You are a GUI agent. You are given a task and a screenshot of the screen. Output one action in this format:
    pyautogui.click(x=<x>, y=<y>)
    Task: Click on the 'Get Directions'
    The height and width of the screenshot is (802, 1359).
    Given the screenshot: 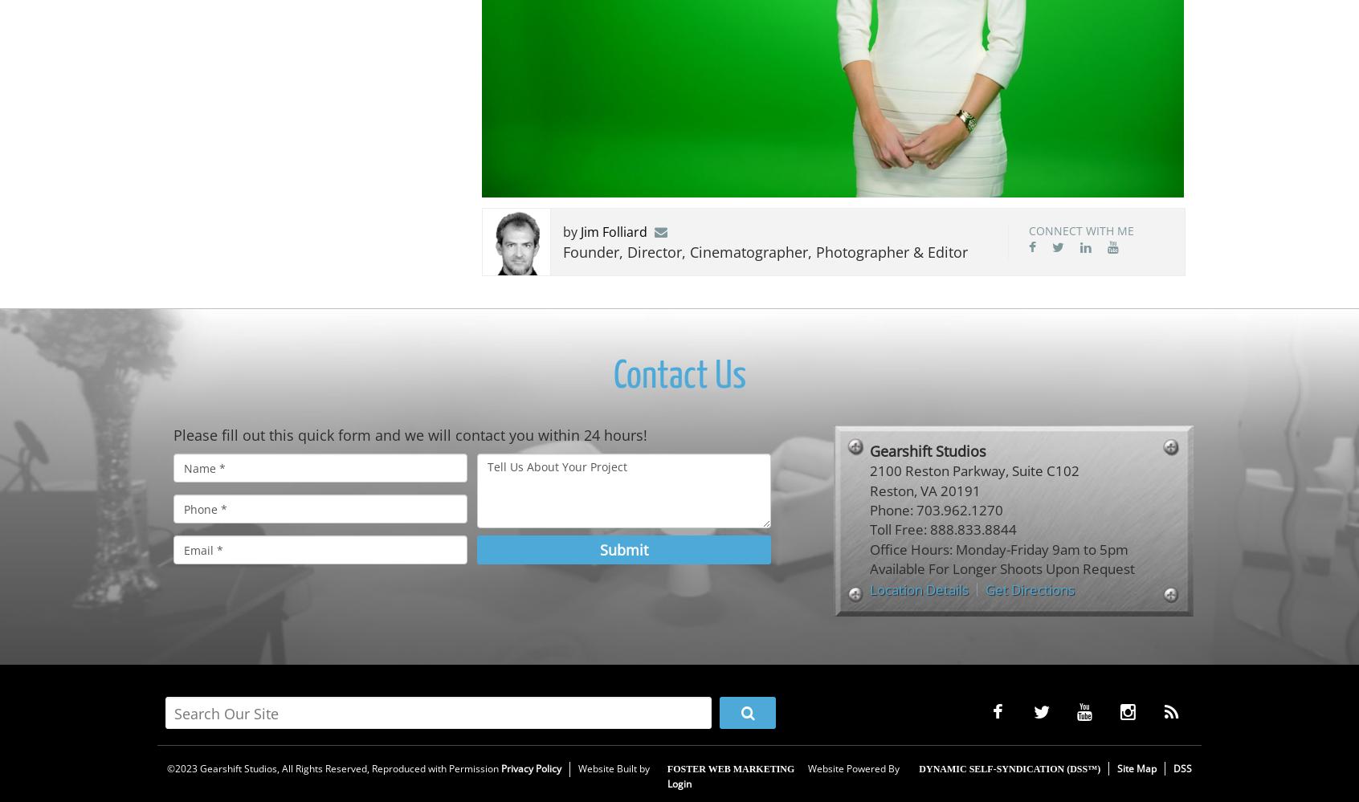 What is the action you would take?
    pyautogui.click(x=1028, y=588)
    